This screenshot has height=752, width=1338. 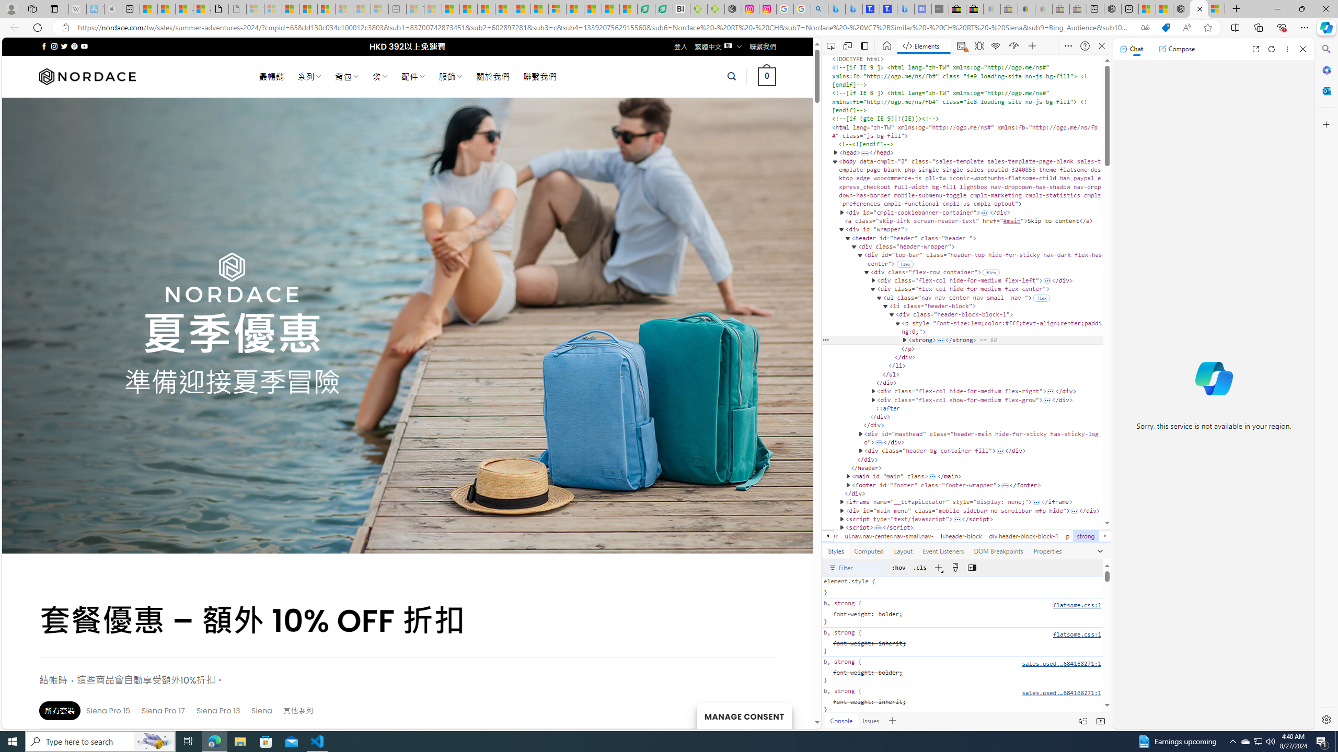 What do you see at coordinates (1198, 8) in the screenshot?
I see `'Nordace - Summer Adventures 2024'` at bounding box center [1198, 8].